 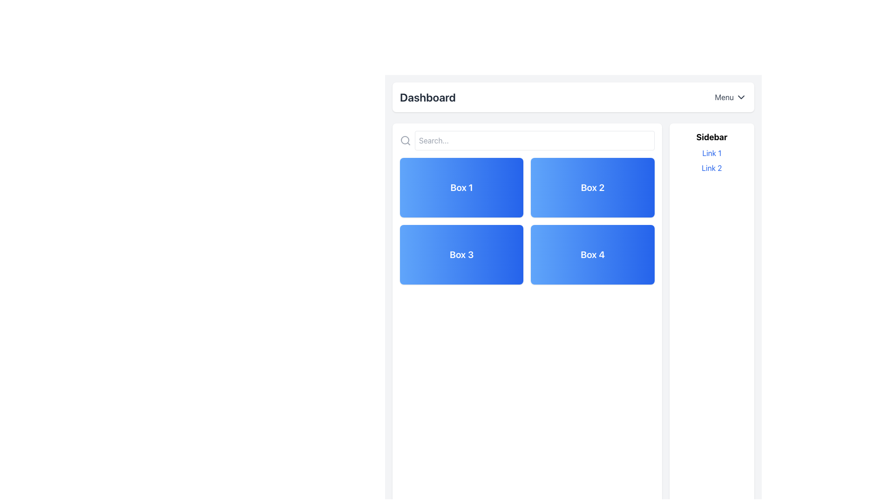 I want to click on the rectangular UI element with a gradient blue background and the text 'Box 2' in a large, bold font, located in the top-right corner of the 2x2 grid, so click(x=592, y=187).